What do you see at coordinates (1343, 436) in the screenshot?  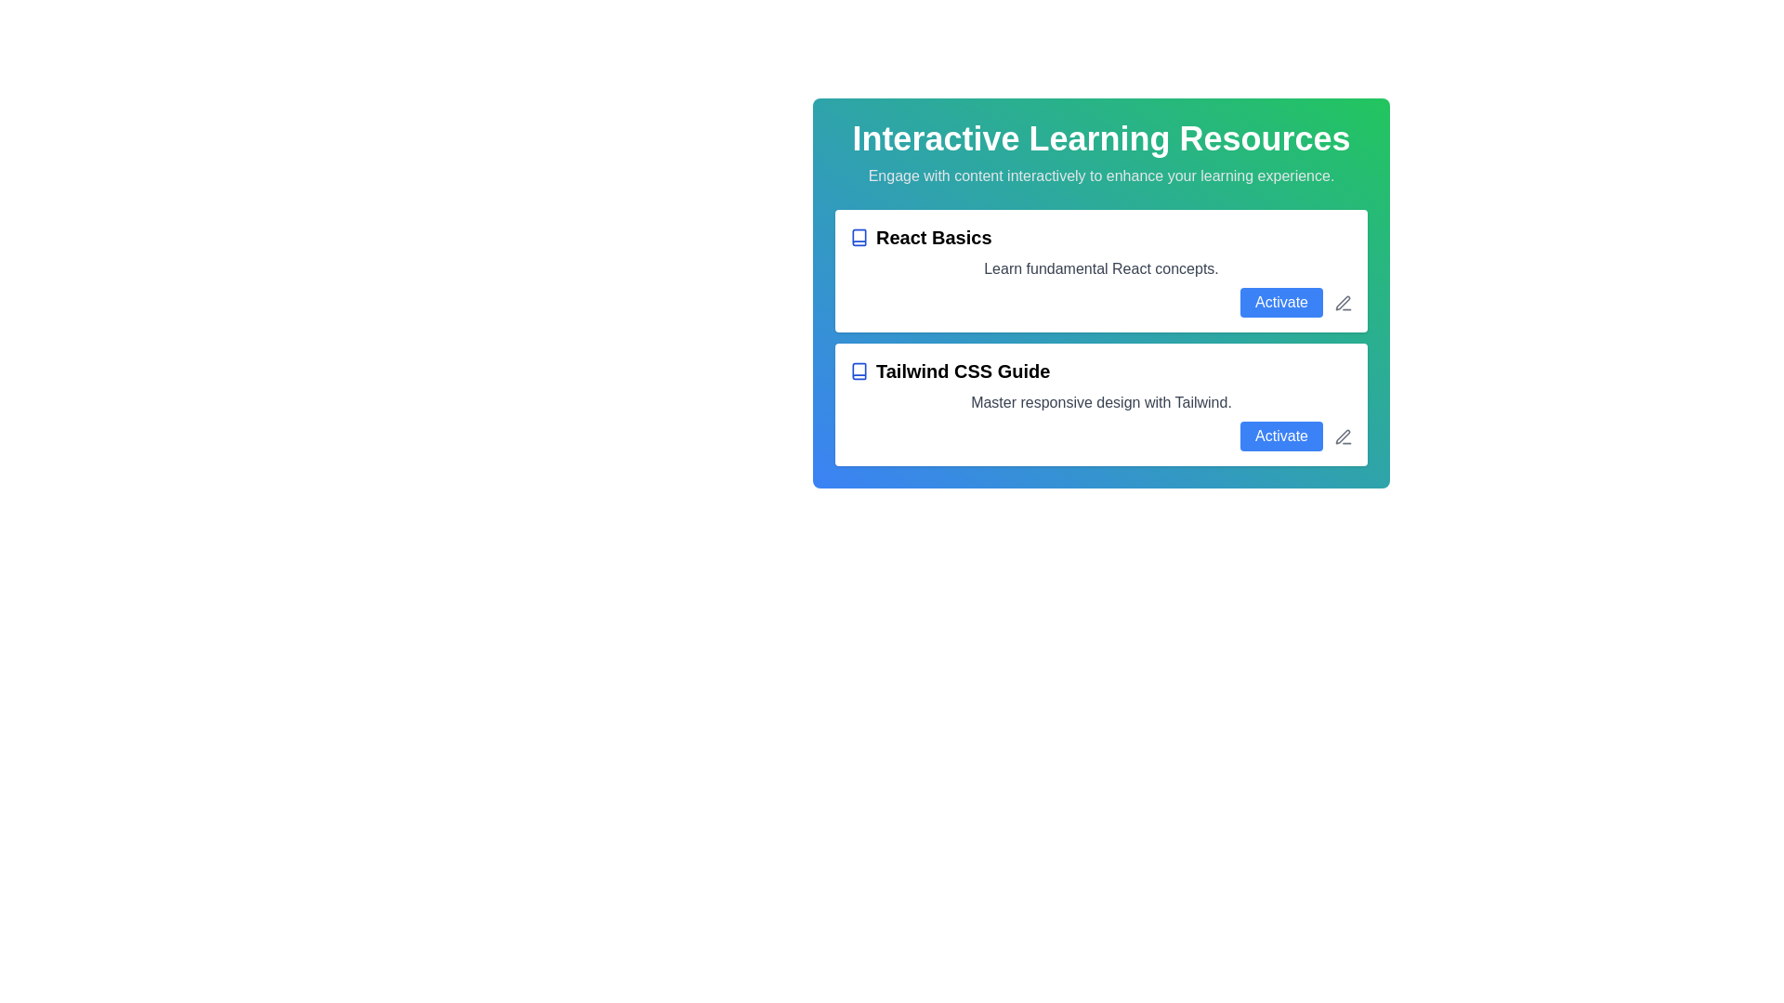 I see `the edit icon for the 'Tailwind CSS Guide' card, located to the right of the 'Activate' button in the second row of the interactive panel` at bounding box center [1343, 436].